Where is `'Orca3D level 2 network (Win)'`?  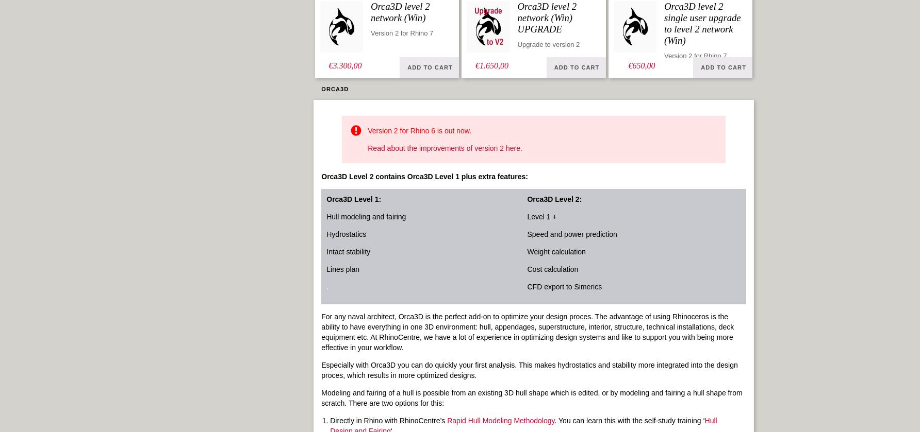
'Orca3D level 2 network (Win)' is located at coordinates (370, 12).